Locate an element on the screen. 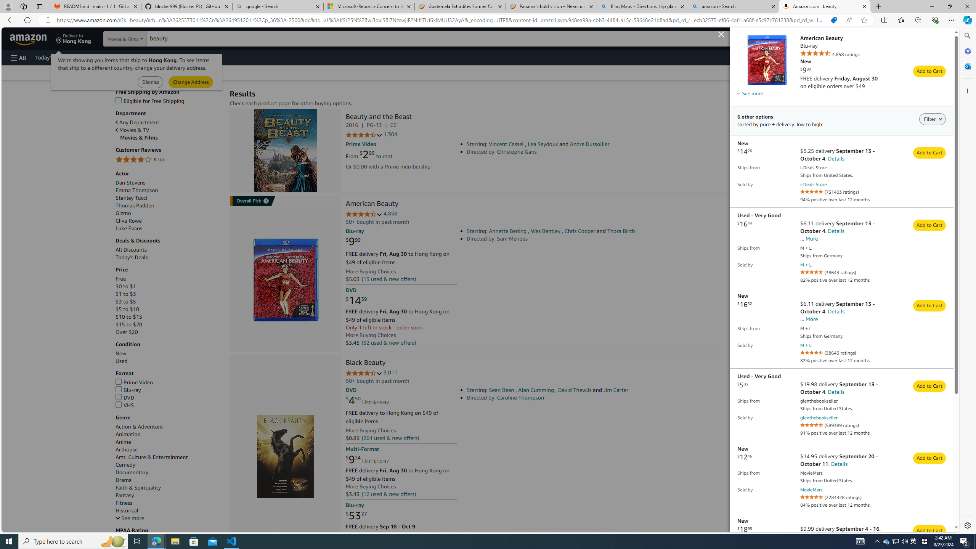 This screenshot has height=549, width=976. 'Add this page to favorites (Ctrl+D)' is located at coordinates (864, 20).